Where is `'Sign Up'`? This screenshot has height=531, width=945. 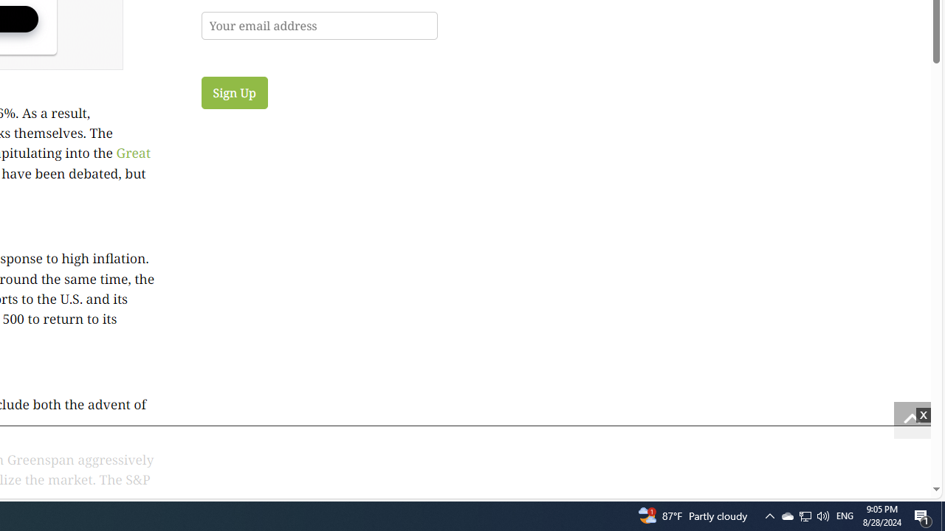
'Sign Up' is located at coordinates (233, 92).